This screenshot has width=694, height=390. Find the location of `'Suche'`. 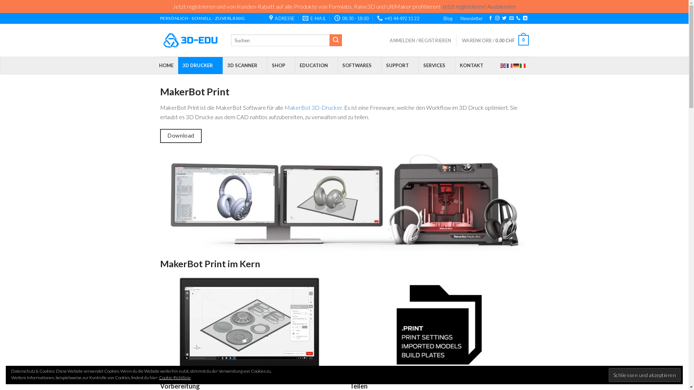

'Suche' is located at coordinates (335, 40).